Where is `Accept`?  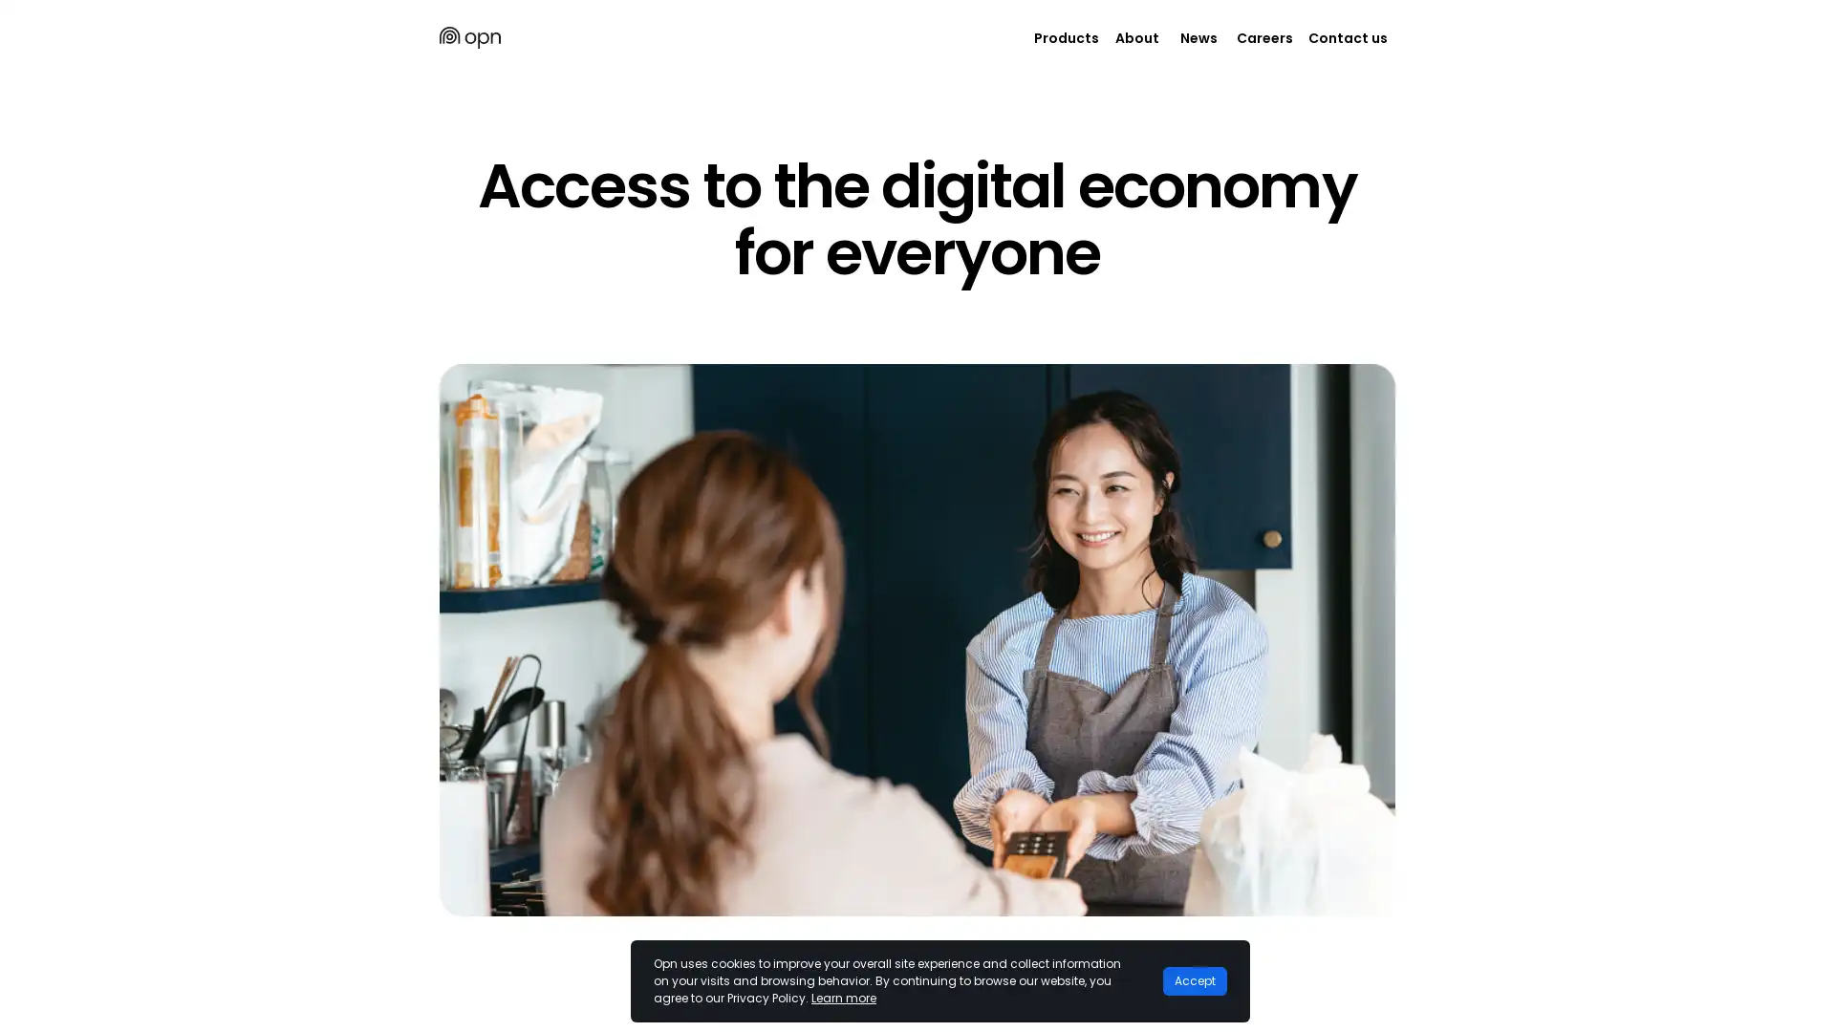 Accept is located at coordinates (1194, 980).